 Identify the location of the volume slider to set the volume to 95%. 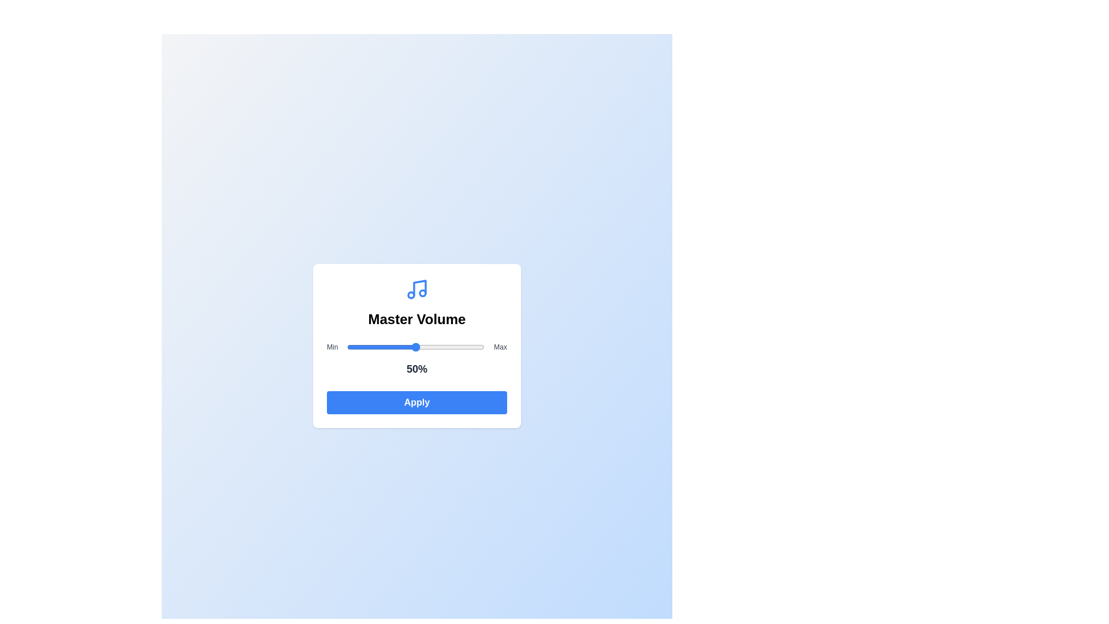
(478, 347).